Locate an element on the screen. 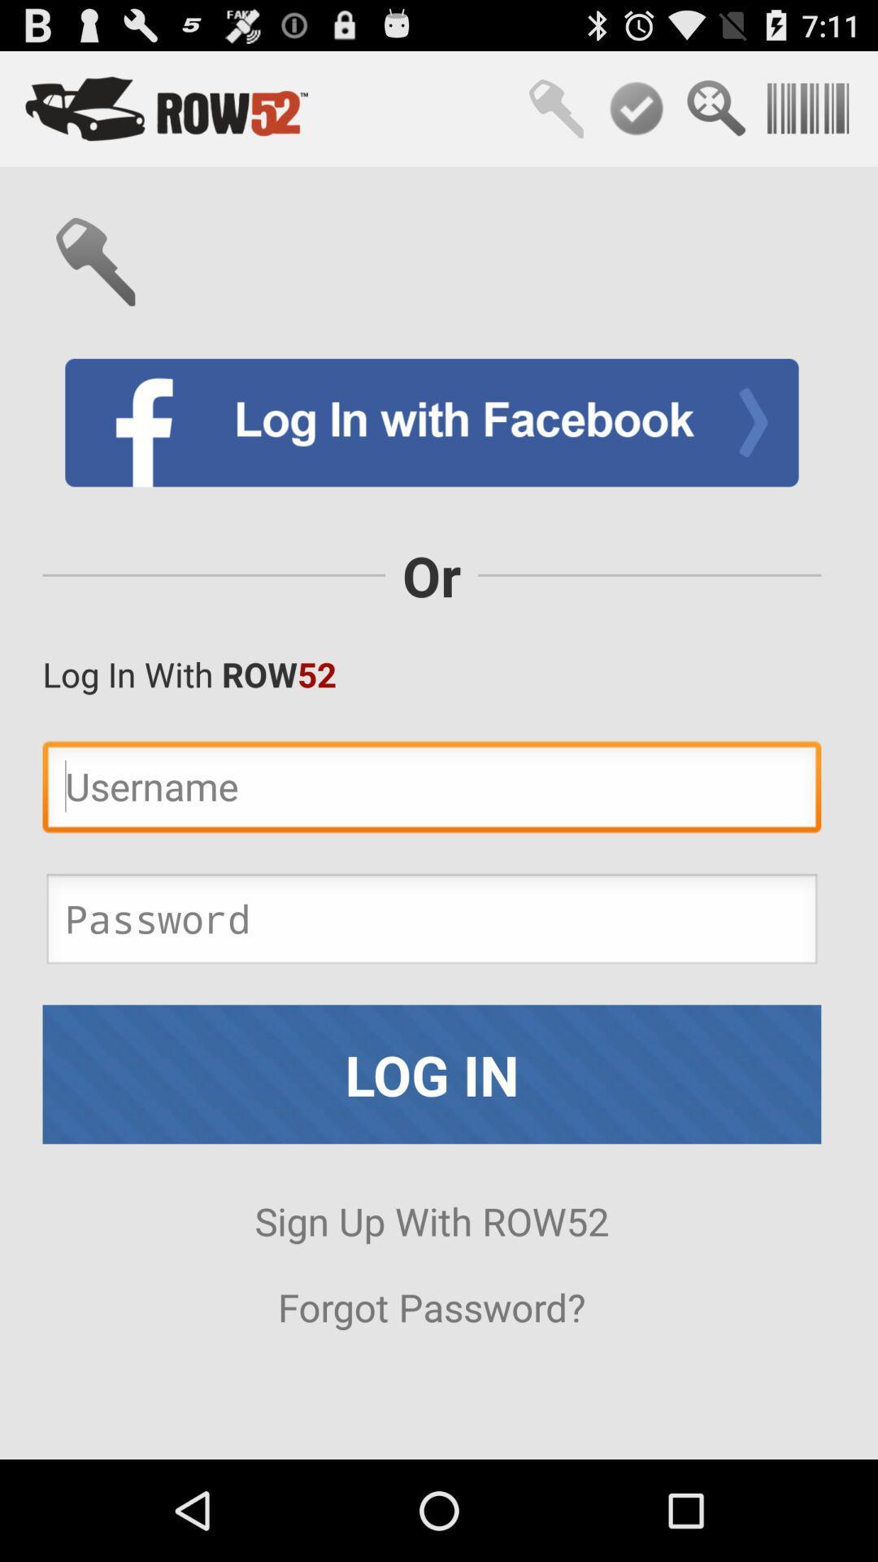 The height and width of the screenshot is (1562, 878). the search icon is located at coordinates (715, 116).